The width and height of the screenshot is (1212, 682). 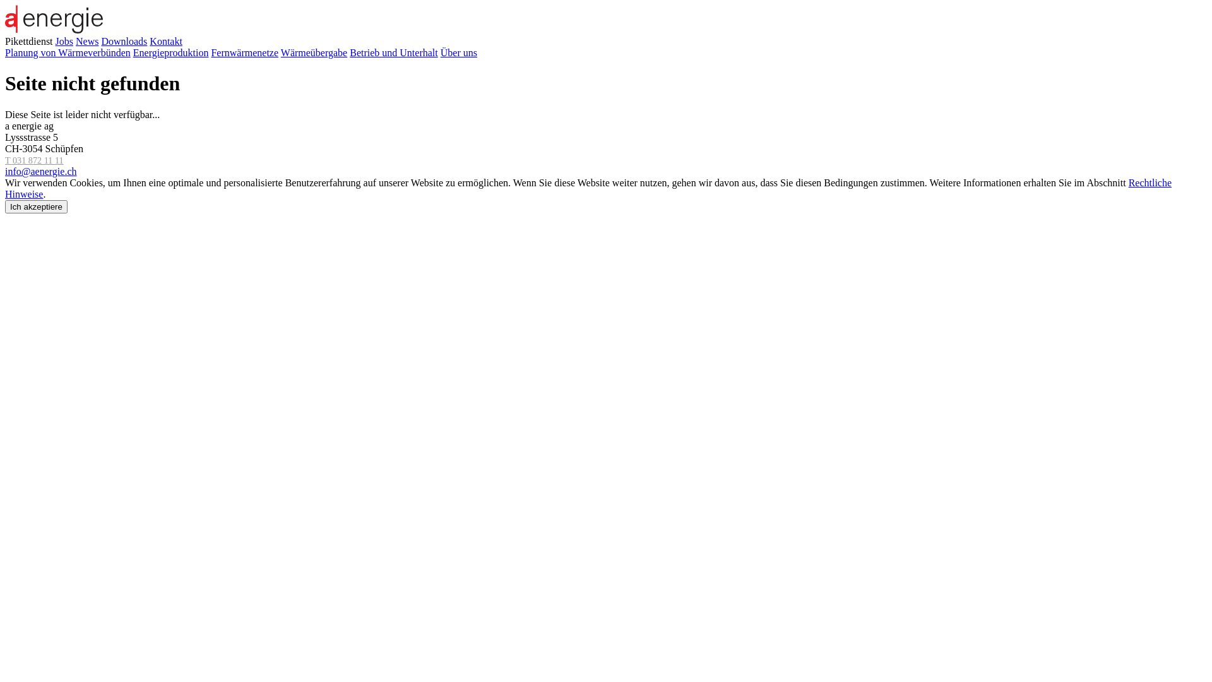 What do you see at coordinates (5, 171) in the screenshot?
I see `'info@aenergie.ch'` at bounding box center [5, 171].